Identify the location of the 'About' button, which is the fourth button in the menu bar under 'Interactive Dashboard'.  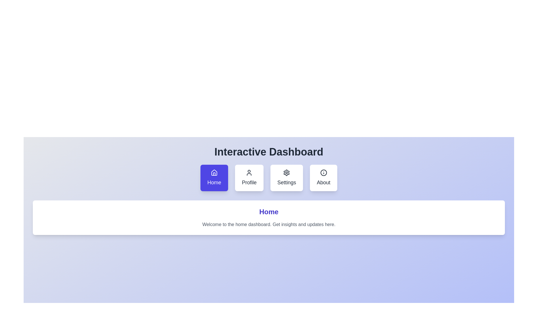
(323, 177).